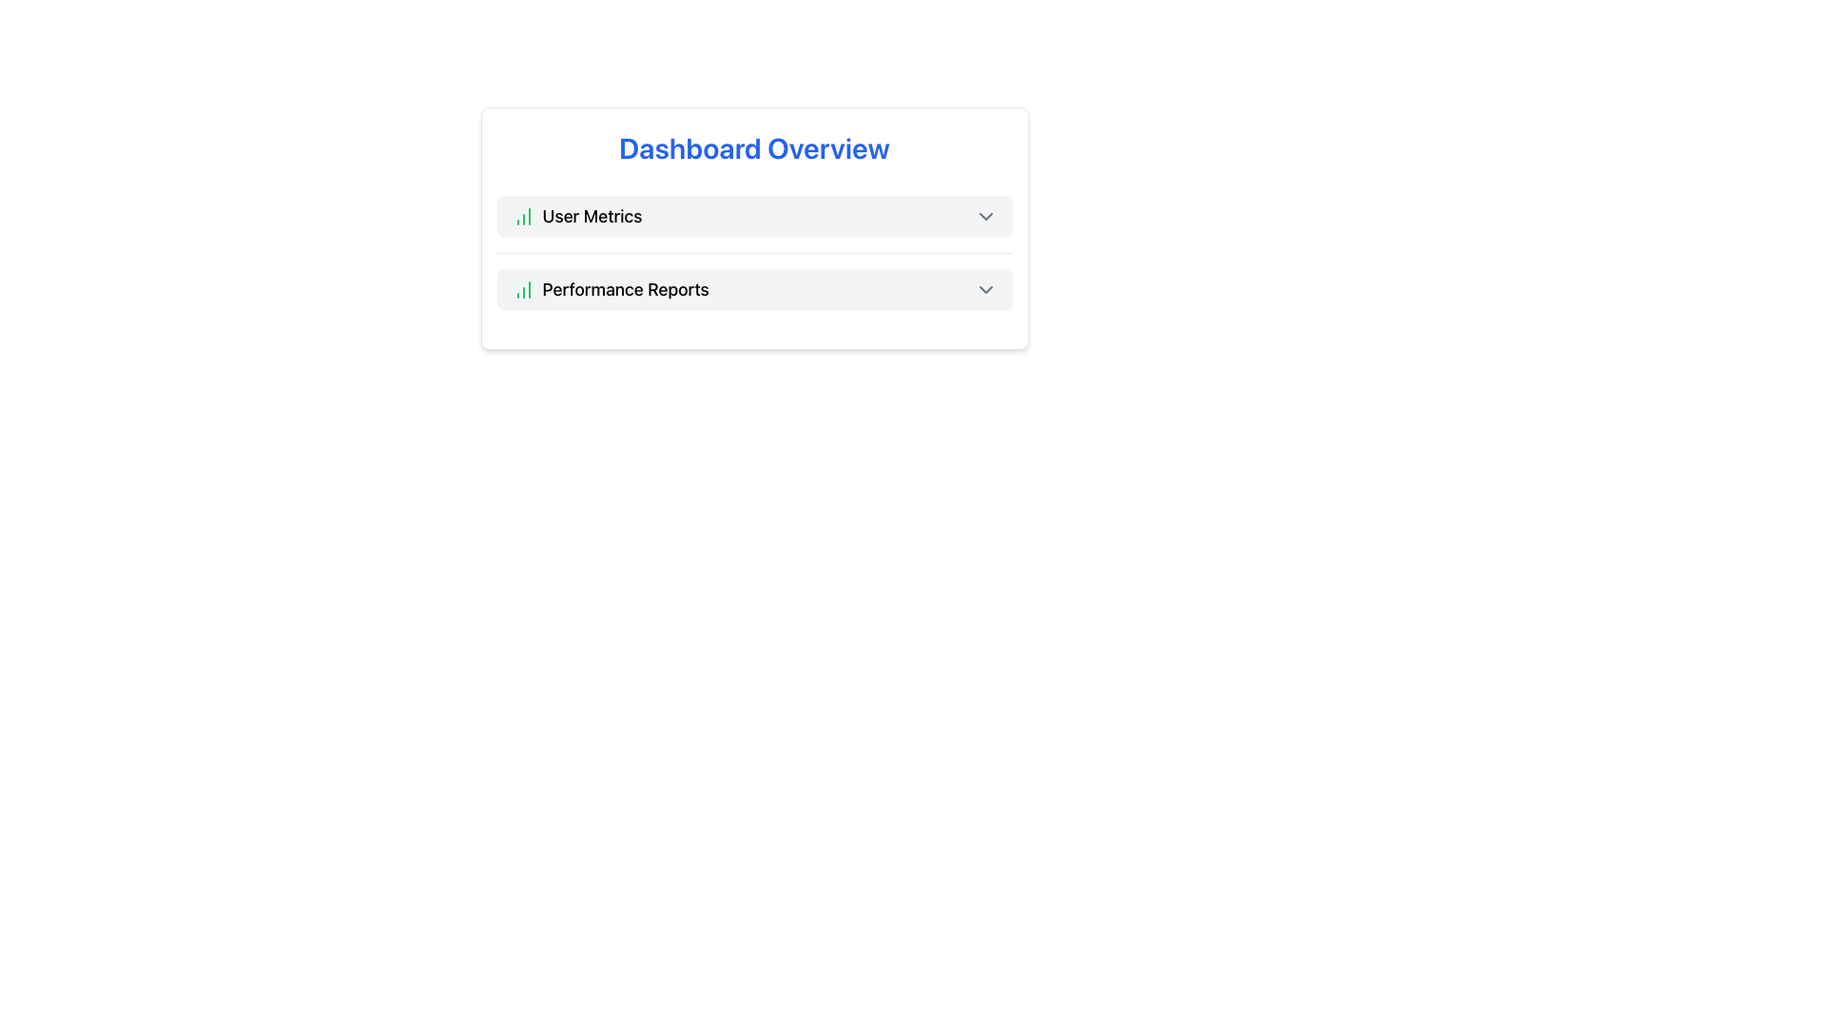 The height and width of the screenshot is (1027, 1826). I want to click on the downward-facing gray chevron icon located at the far right of the 'Performance Reports' section, so click(985, 289).